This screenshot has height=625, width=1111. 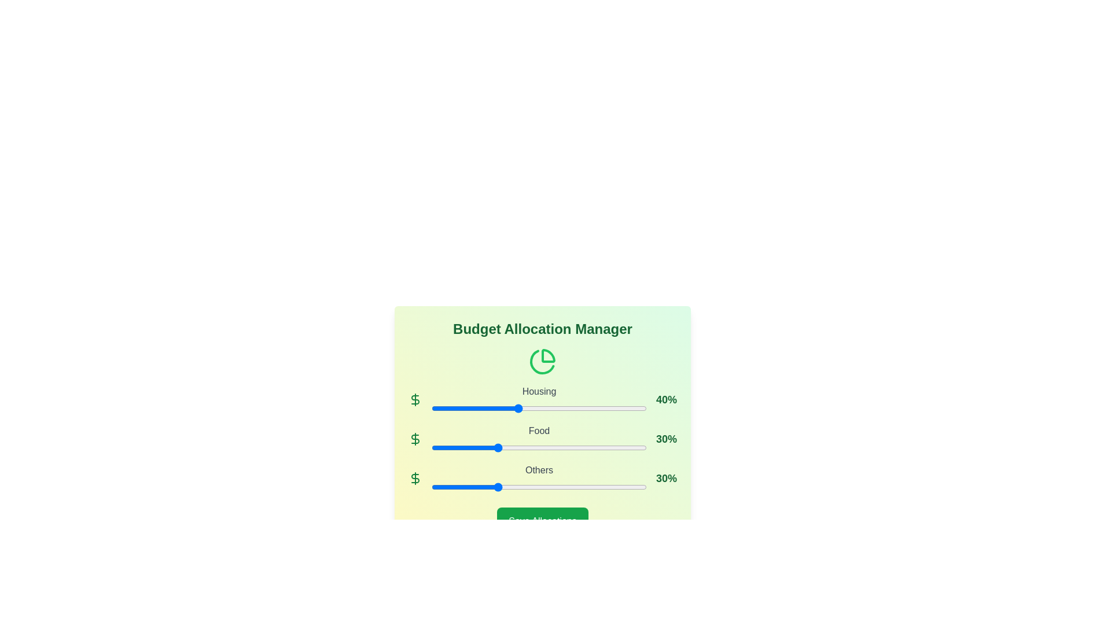 What do you see at coordinates (627, 487) in the screenshot?
I see `the 'Others' slider to 91%` at bounding box center [627, 487].